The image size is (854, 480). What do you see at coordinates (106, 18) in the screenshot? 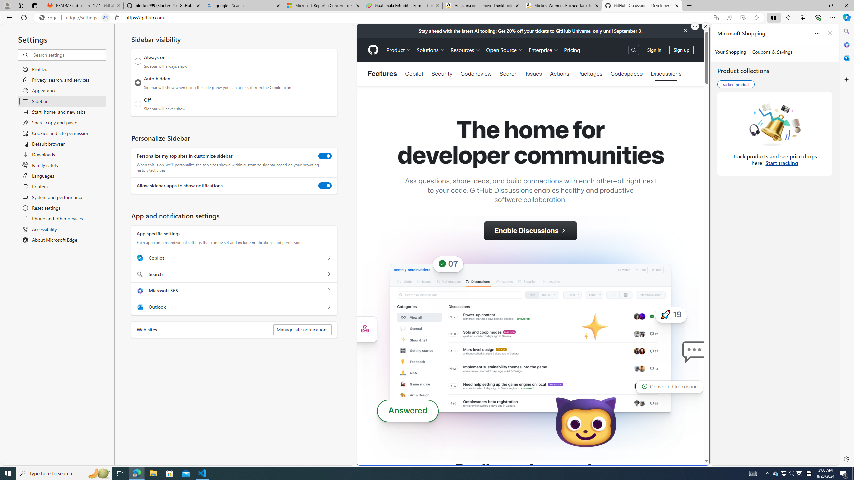
I see `'Tabs in split screen'` at bounding box center [106, 18].